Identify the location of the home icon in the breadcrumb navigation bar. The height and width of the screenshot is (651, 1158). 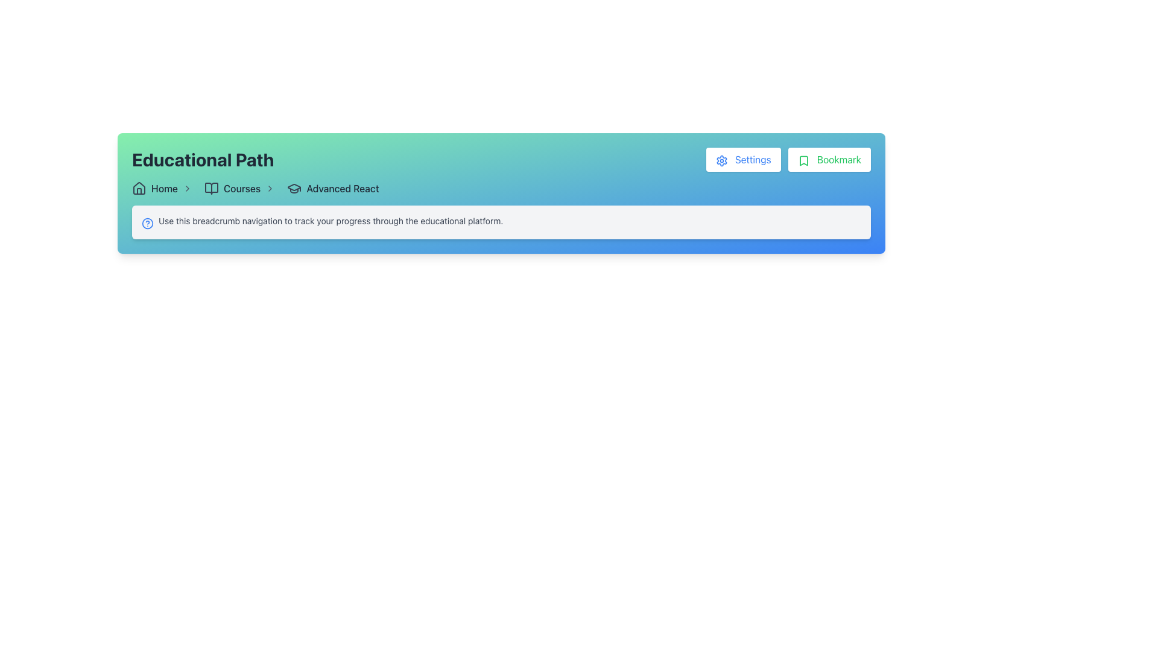
(139, 188).